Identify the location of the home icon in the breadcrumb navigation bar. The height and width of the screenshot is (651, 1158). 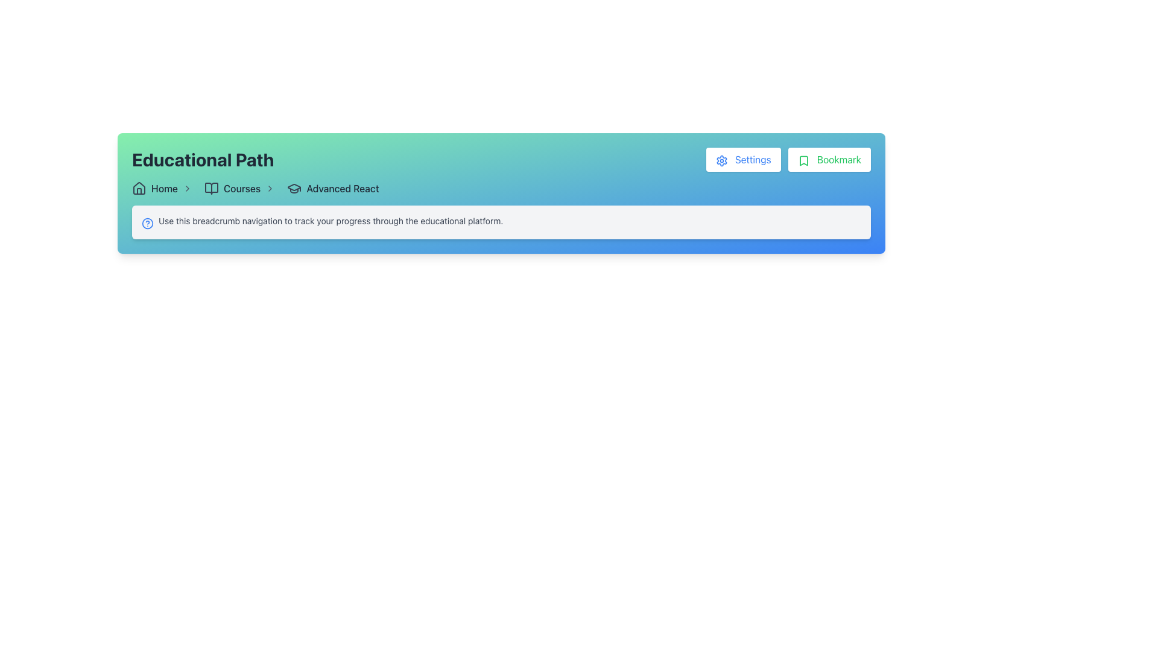
(139, 188).